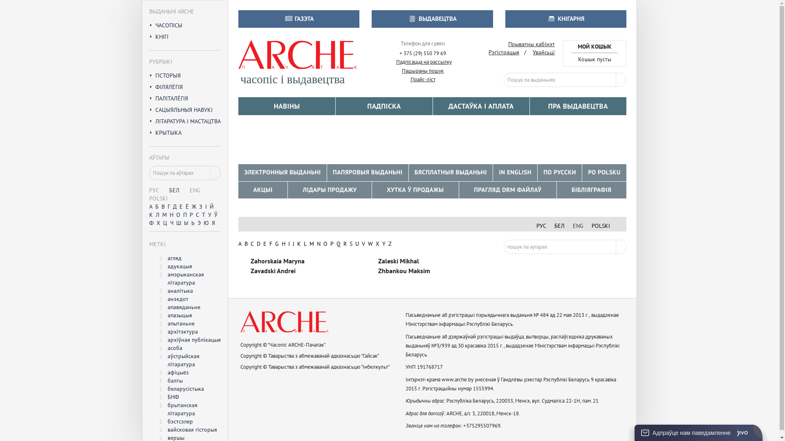  What do you see at coordinates (325, 243) in the screenshot?
I see `'O'` at bounding box center [325, 243].